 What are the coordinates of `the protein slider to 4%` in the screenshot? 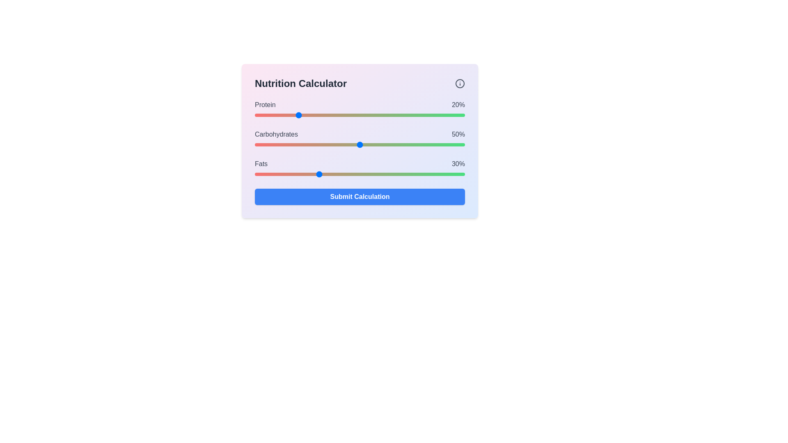 It's located at (263, 115).